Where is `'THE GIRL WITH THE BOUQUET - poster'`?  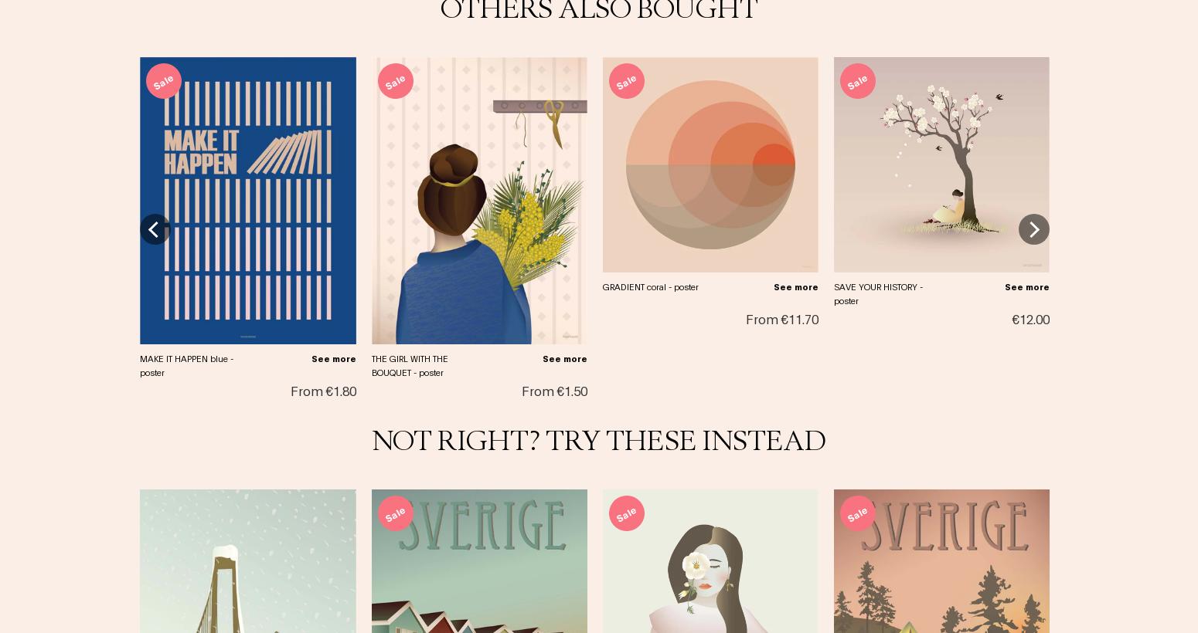
'THE GIRL WITH THE BOUQUET - poster' is located at coordinates (408, 364).